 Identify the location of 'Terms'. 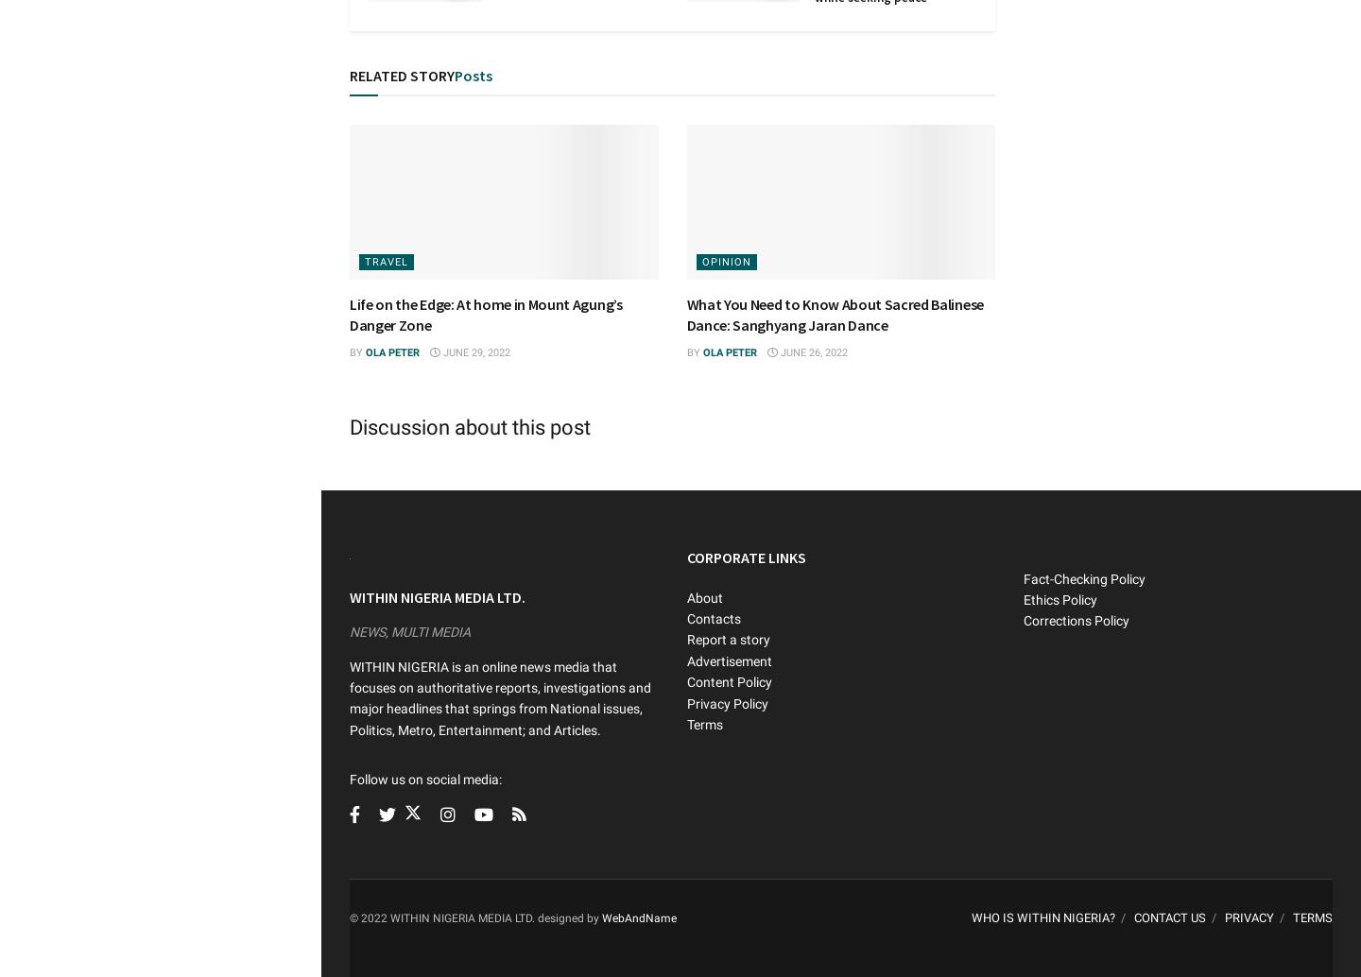
(703, 723).